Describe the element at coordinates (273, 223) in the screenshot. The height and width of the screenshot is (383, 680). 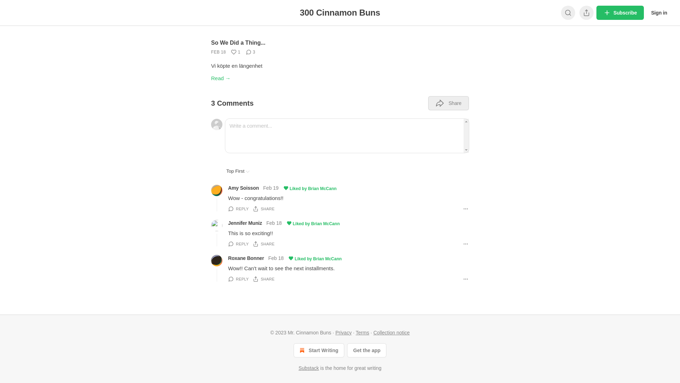
I see `'Feb 18'` at that location.